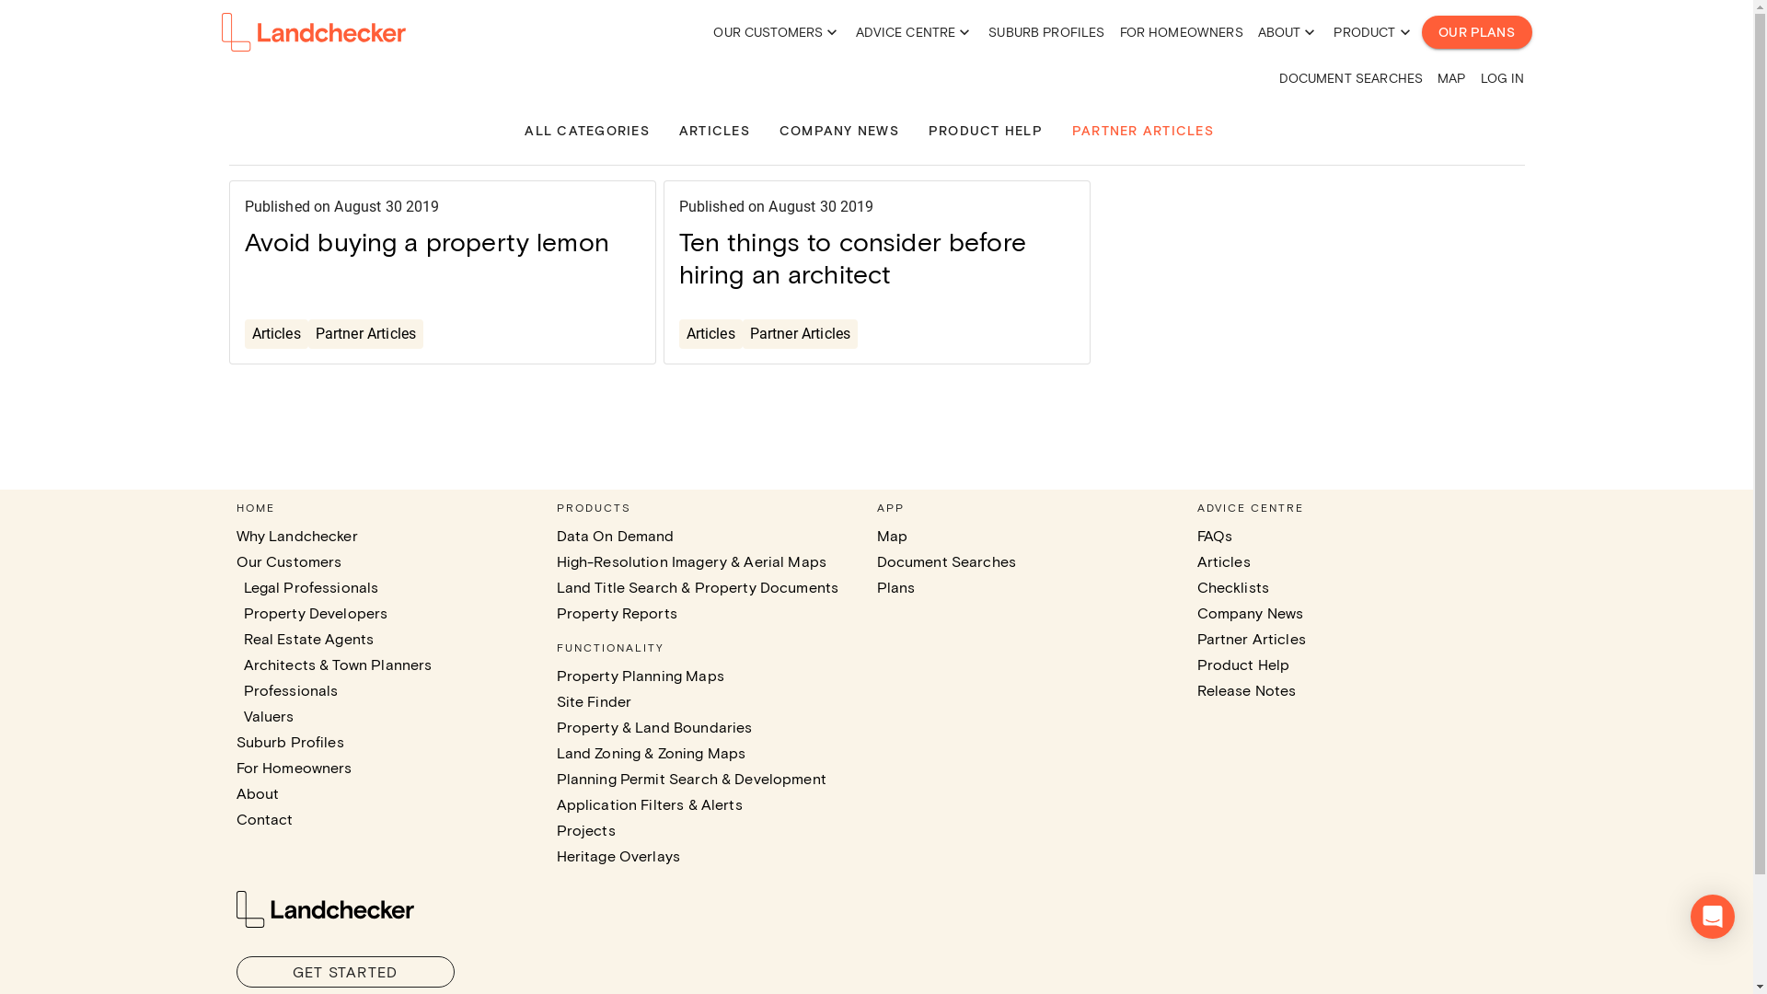  I want to click on 'Why Landchecker', so click(234, 536).